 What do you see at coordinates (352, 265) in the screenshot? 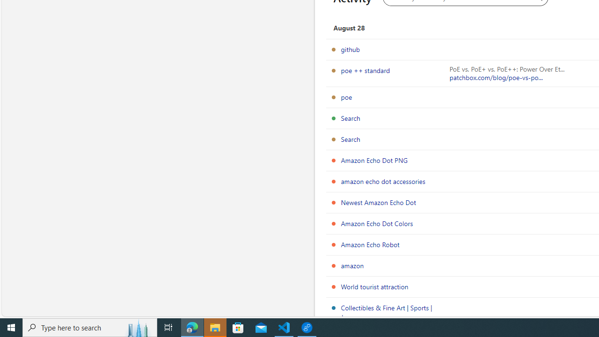
I see `'amazon'` at bounding box center [352, 265].